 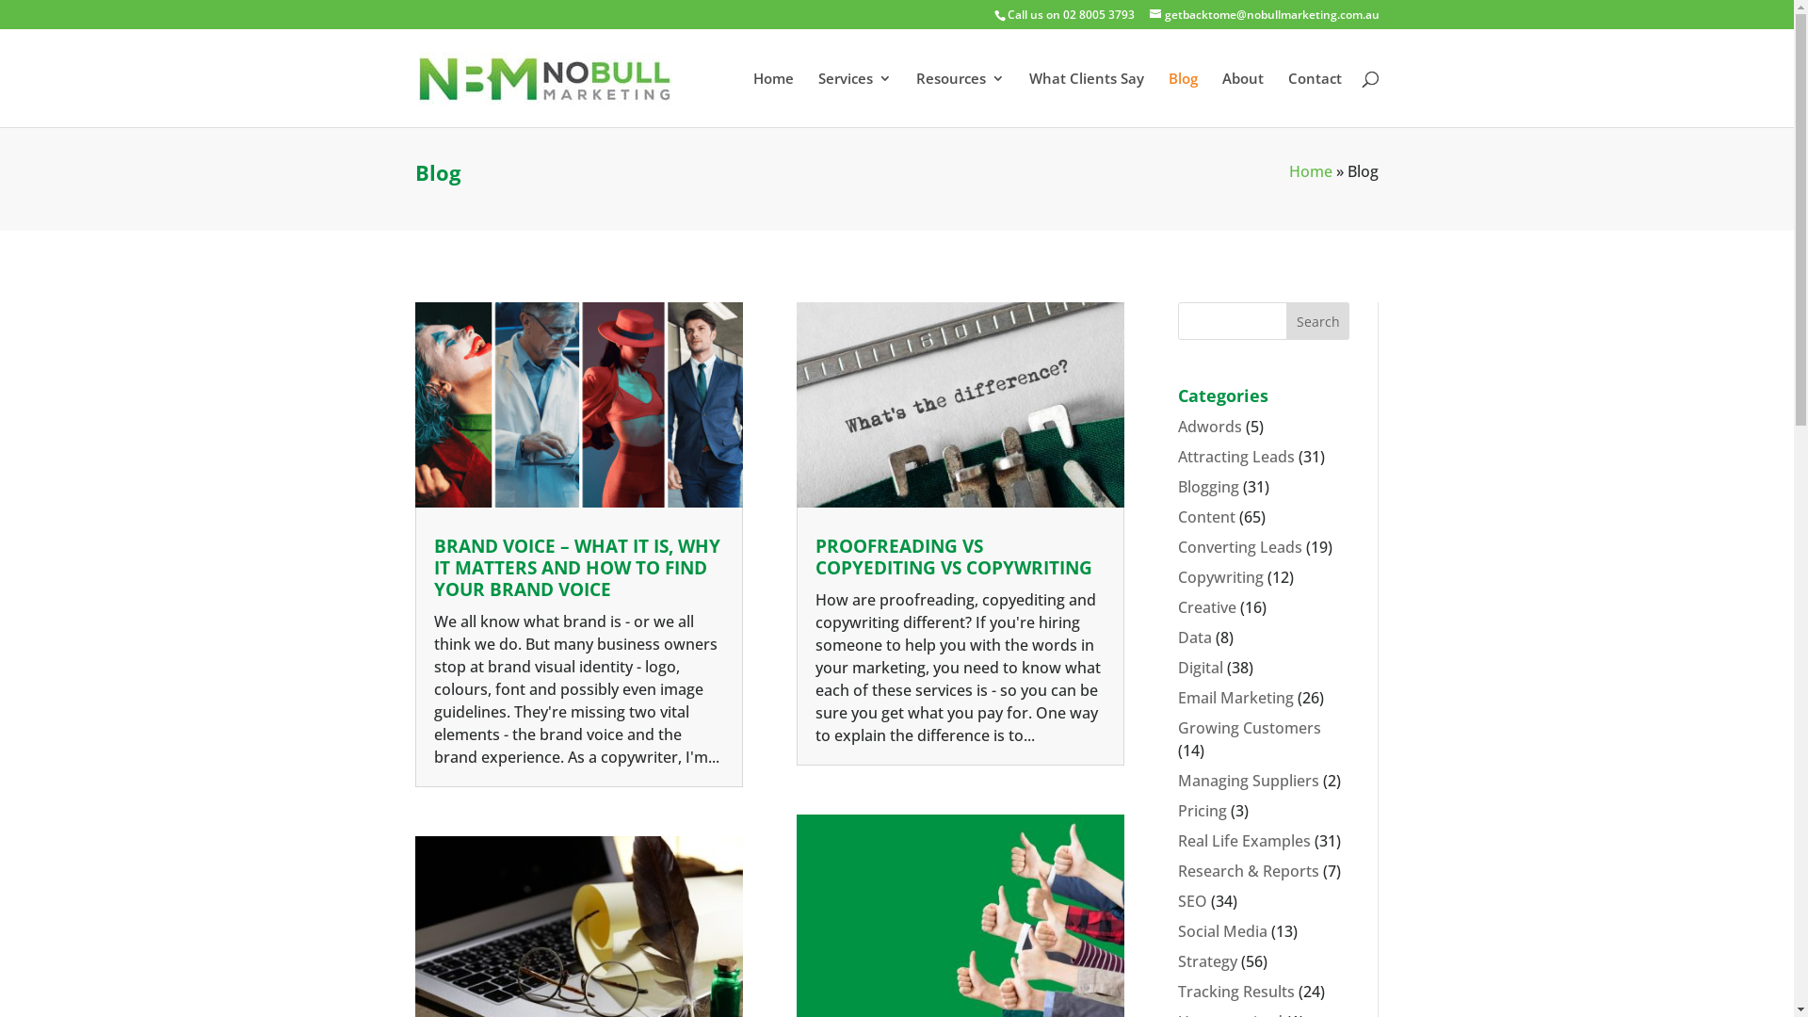 I want to click on 'Resources', so click(x=959, y=99).